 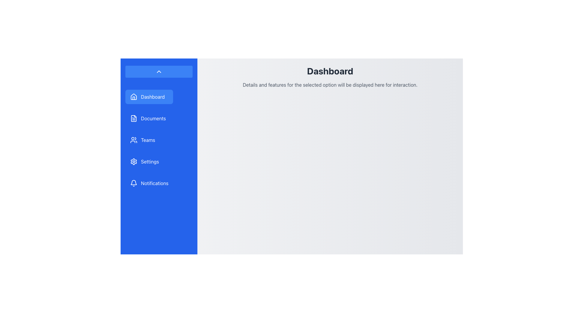 What do you see at coordinates (149, 97) in the screenshot?
I see `the 'Dashboard' button, which is a blue rectangular button with a white house icon and bold white text, located at the top of the vertical navigation bar` at bounding box center [149, 97].